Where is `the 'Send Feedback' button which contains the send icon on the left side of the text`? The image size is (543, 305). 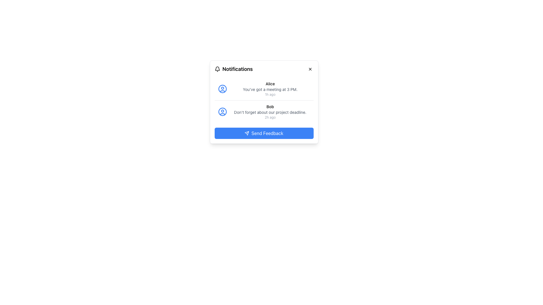
the 'Send Feedback' button which contains the send icon on the left side of the text is located at coordinates (247, 133).